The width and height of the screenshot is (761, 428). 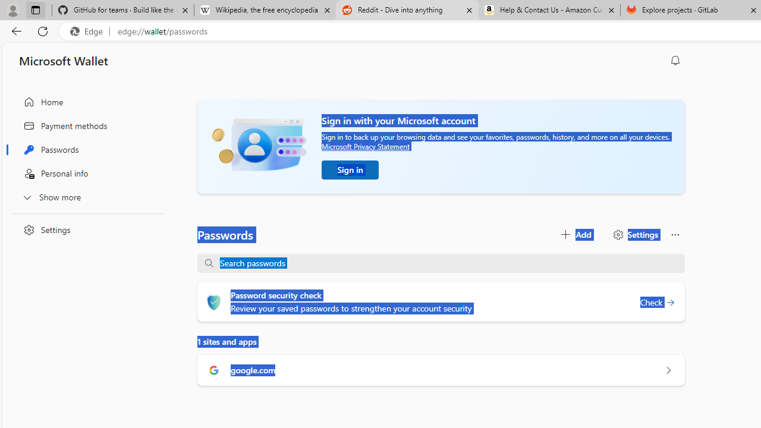 I want to click on 'Show more', so click(x=85, y=196).